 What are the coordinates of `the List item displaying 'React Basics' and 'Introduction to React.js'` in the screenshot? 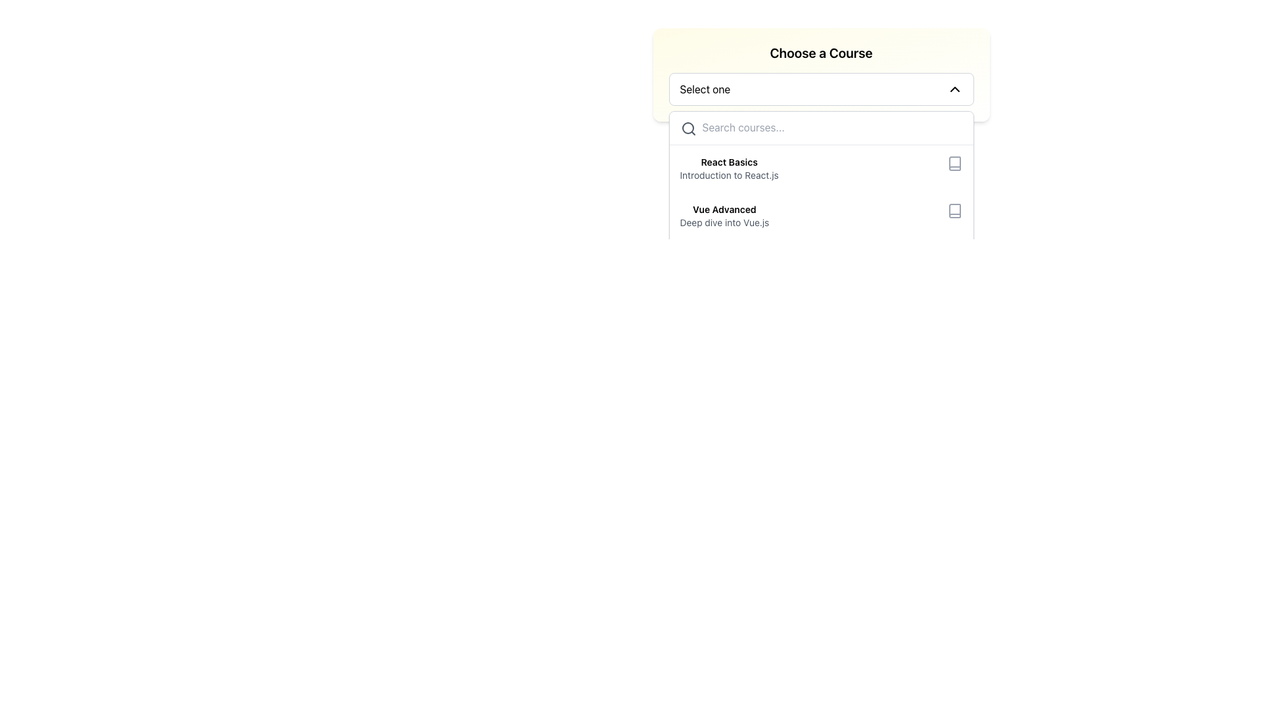 It's located at (728, 168).